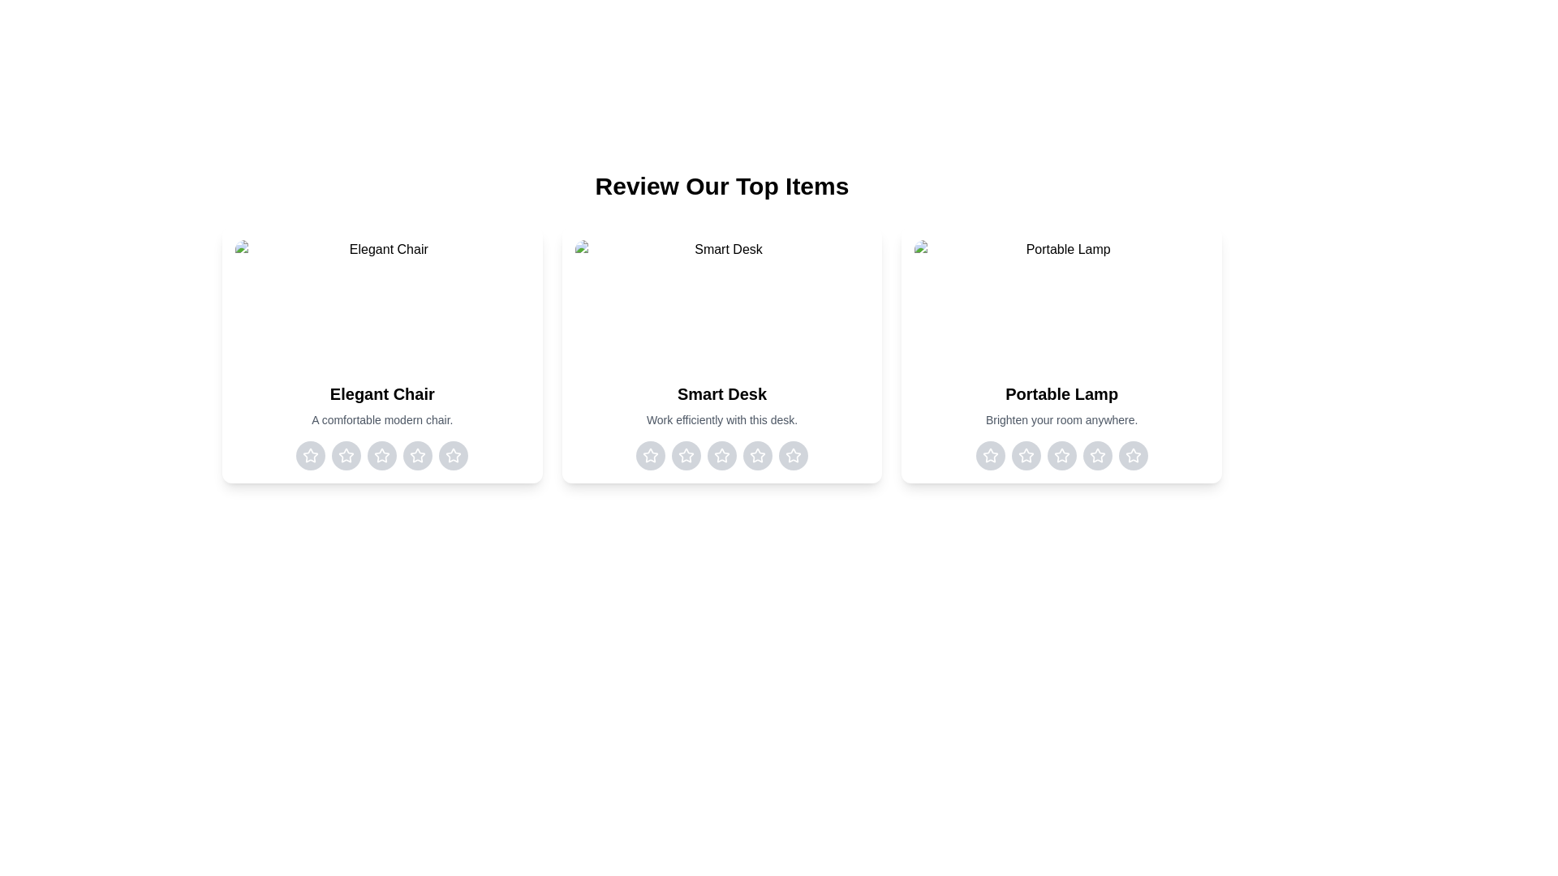  What do you see at coordinates (1132, 456) in the screenshot?
I see `the rating for the item 'Portable Lamp' to 5 stars` at bounding box center [1132, 456].